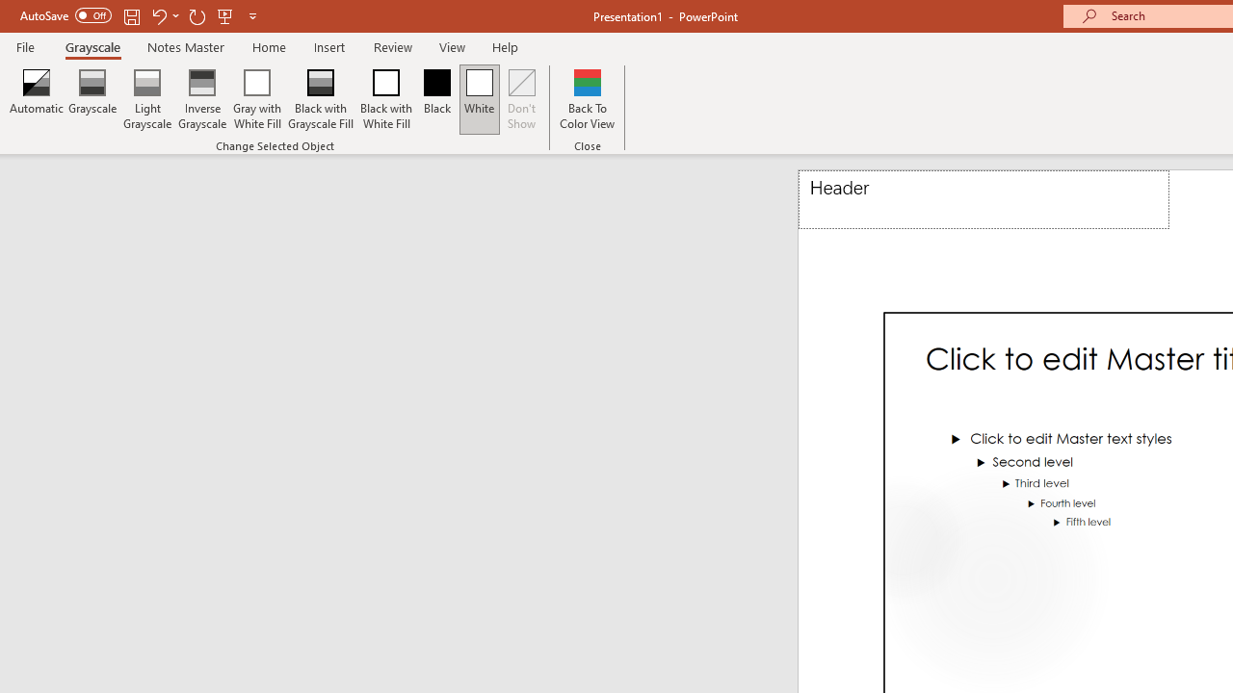  Describe the element at coordinates (586, 99) in the screenshot. I see `'Back To Color View'` at that location.